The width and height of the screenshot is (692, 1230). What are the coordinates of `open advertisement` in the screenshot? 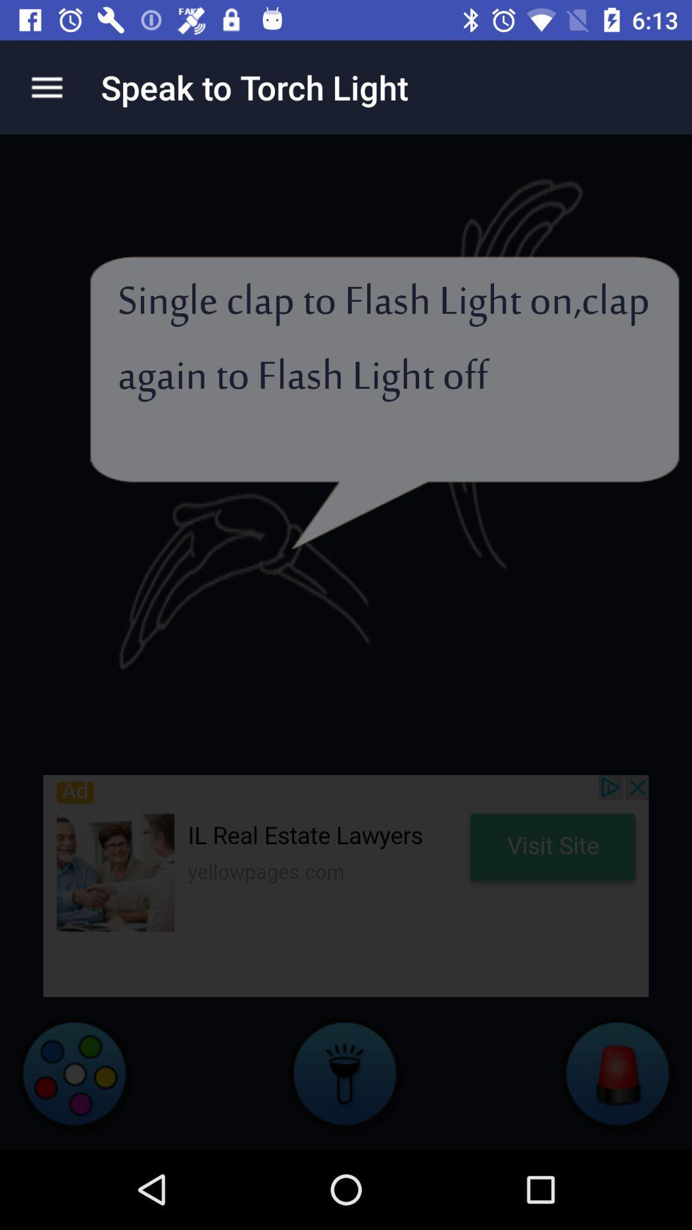 It's located at (346, 885).